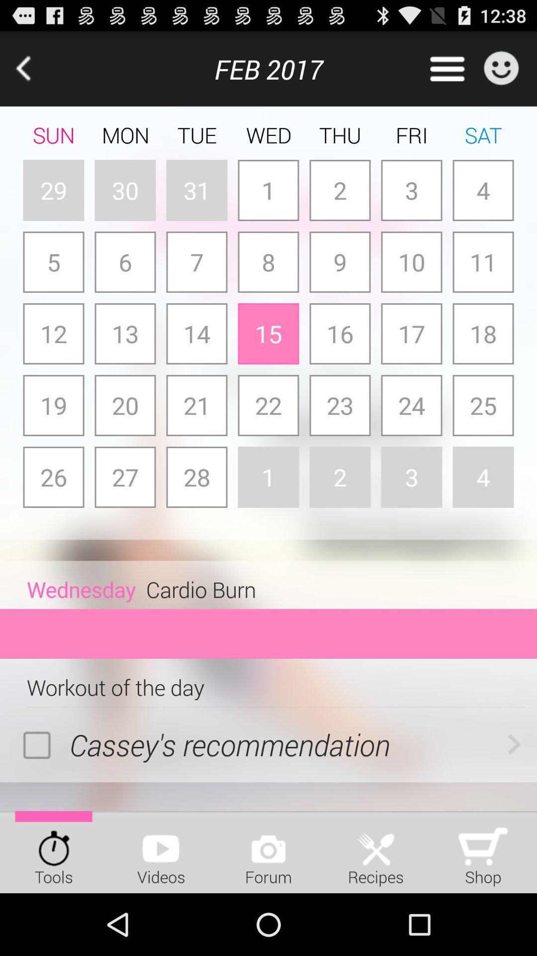 The height and width of the screenshot is (956, 537). Describe the element at coordinates (37, 73) in the screenshot. I see `the arrow_backward icon` at that location.